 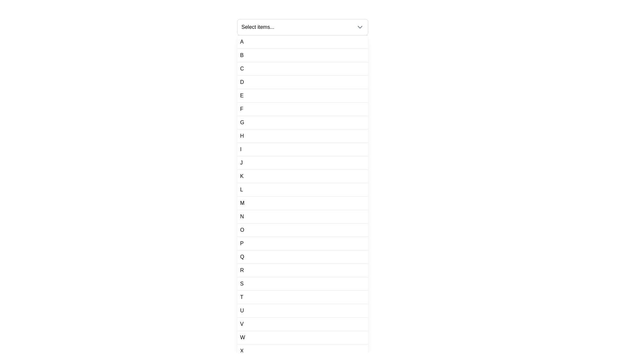 What do you see at coordinates (302, 96) in the screenshot?
I see `the list item representing the letter 'E'` at bounding box center [302, 96].